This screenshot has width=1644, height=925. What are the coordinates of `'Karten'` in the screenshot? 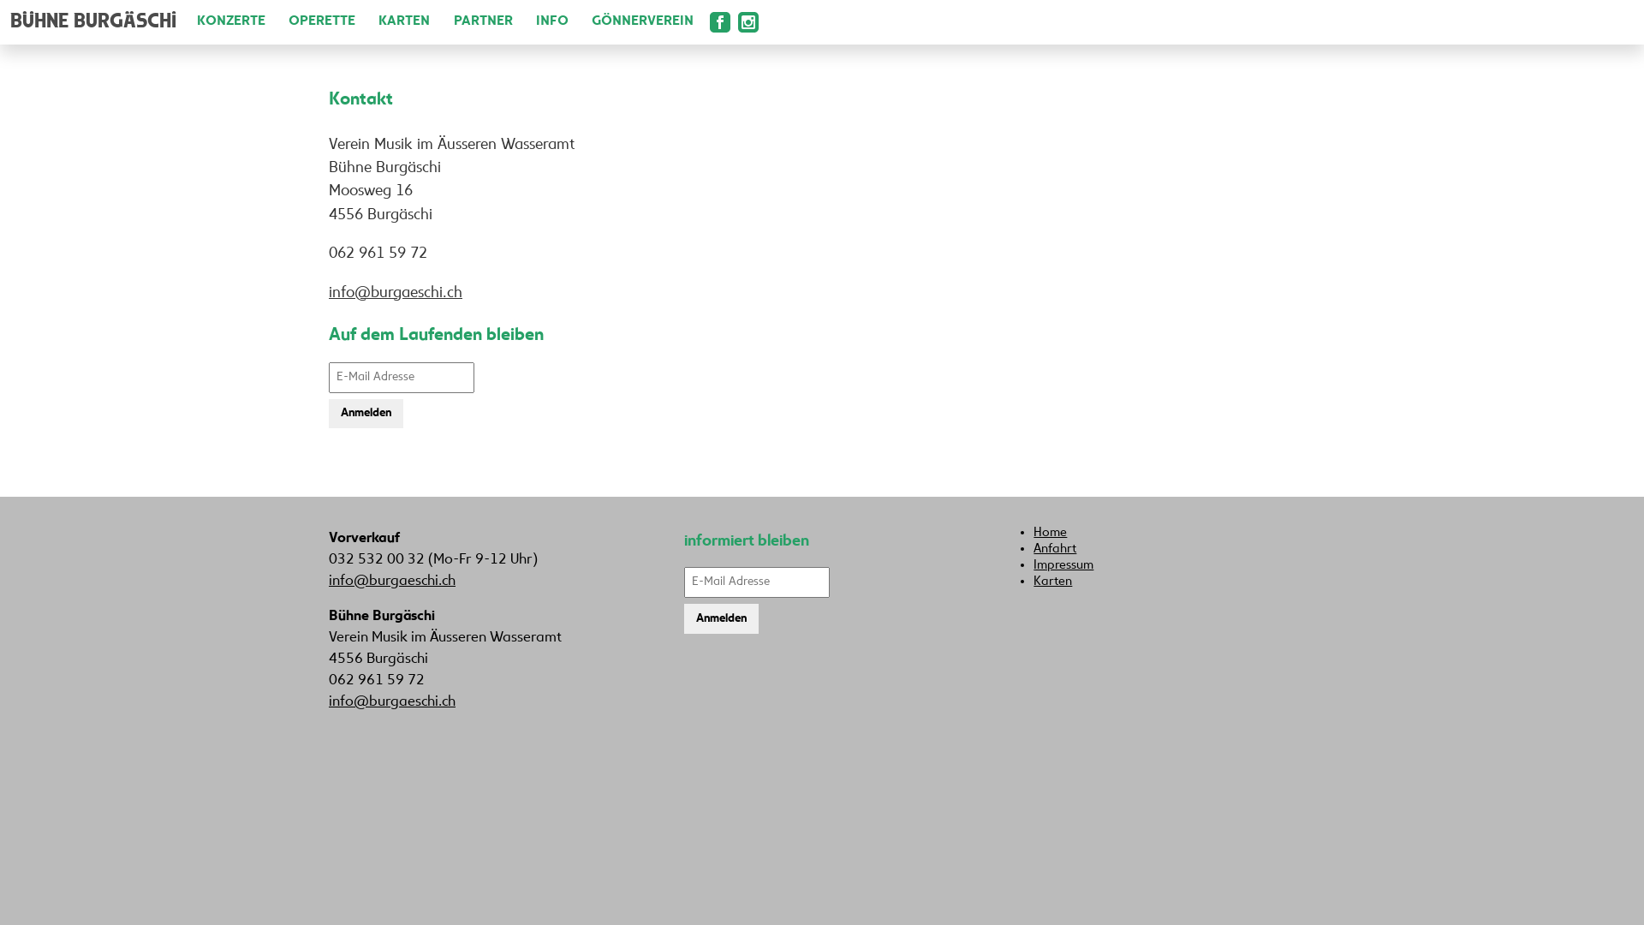 It's located at (1051, 580).